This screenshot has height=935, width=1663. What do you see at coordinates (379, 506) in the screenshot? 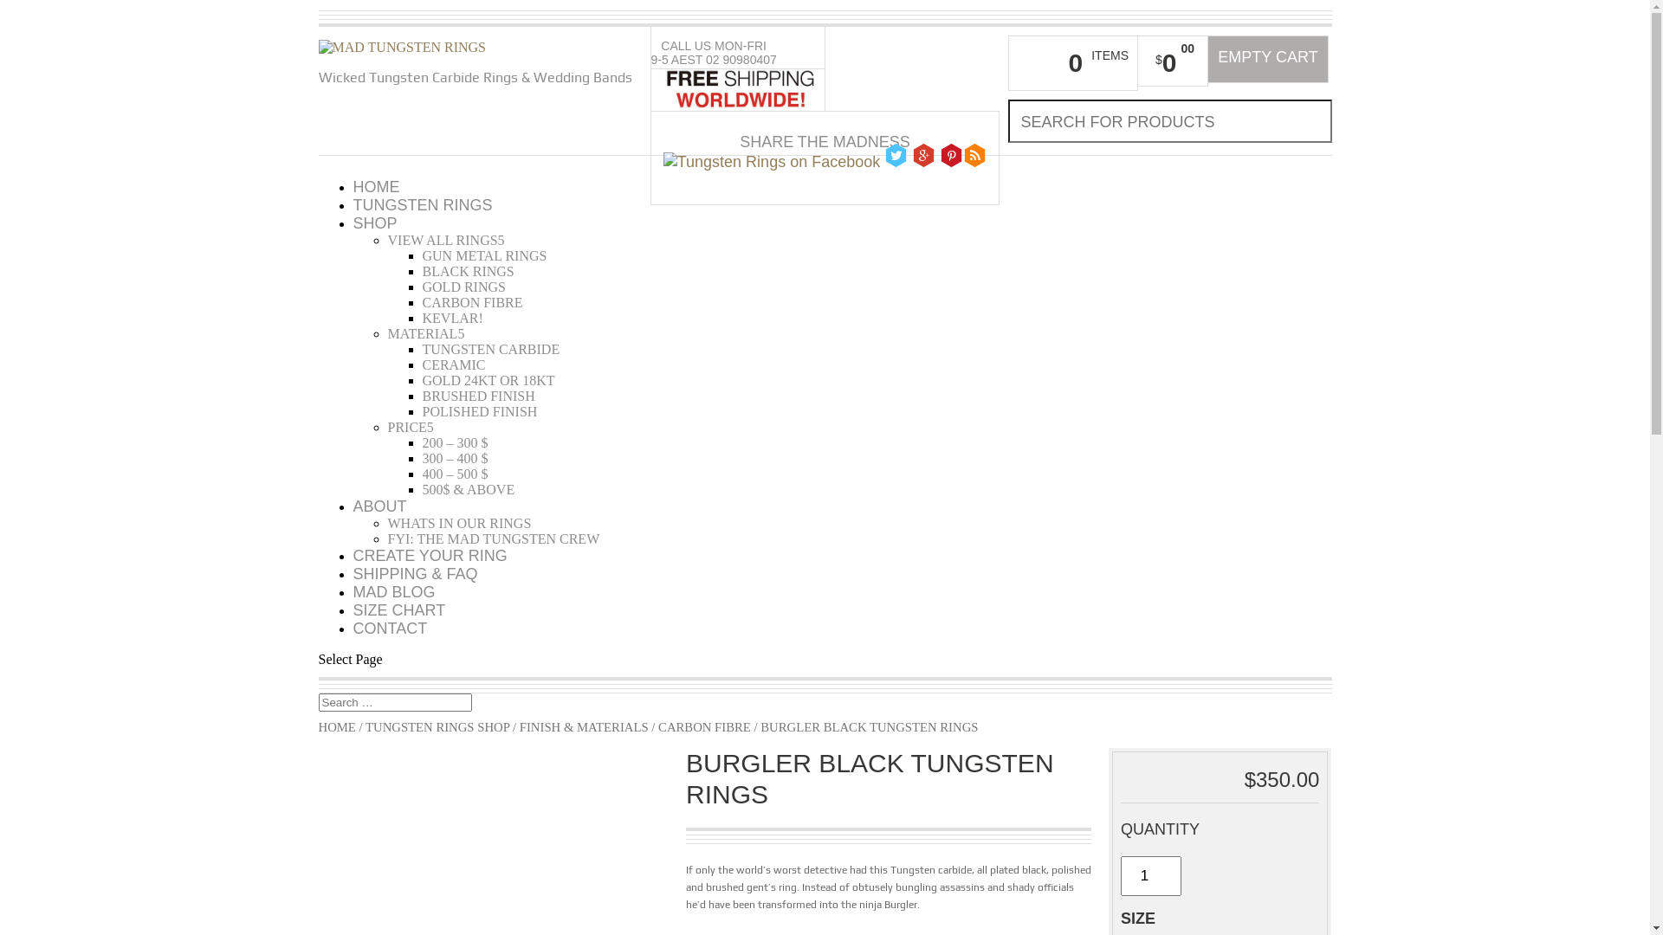
I see `'ABOUT'` at bounding box center [379, 506].